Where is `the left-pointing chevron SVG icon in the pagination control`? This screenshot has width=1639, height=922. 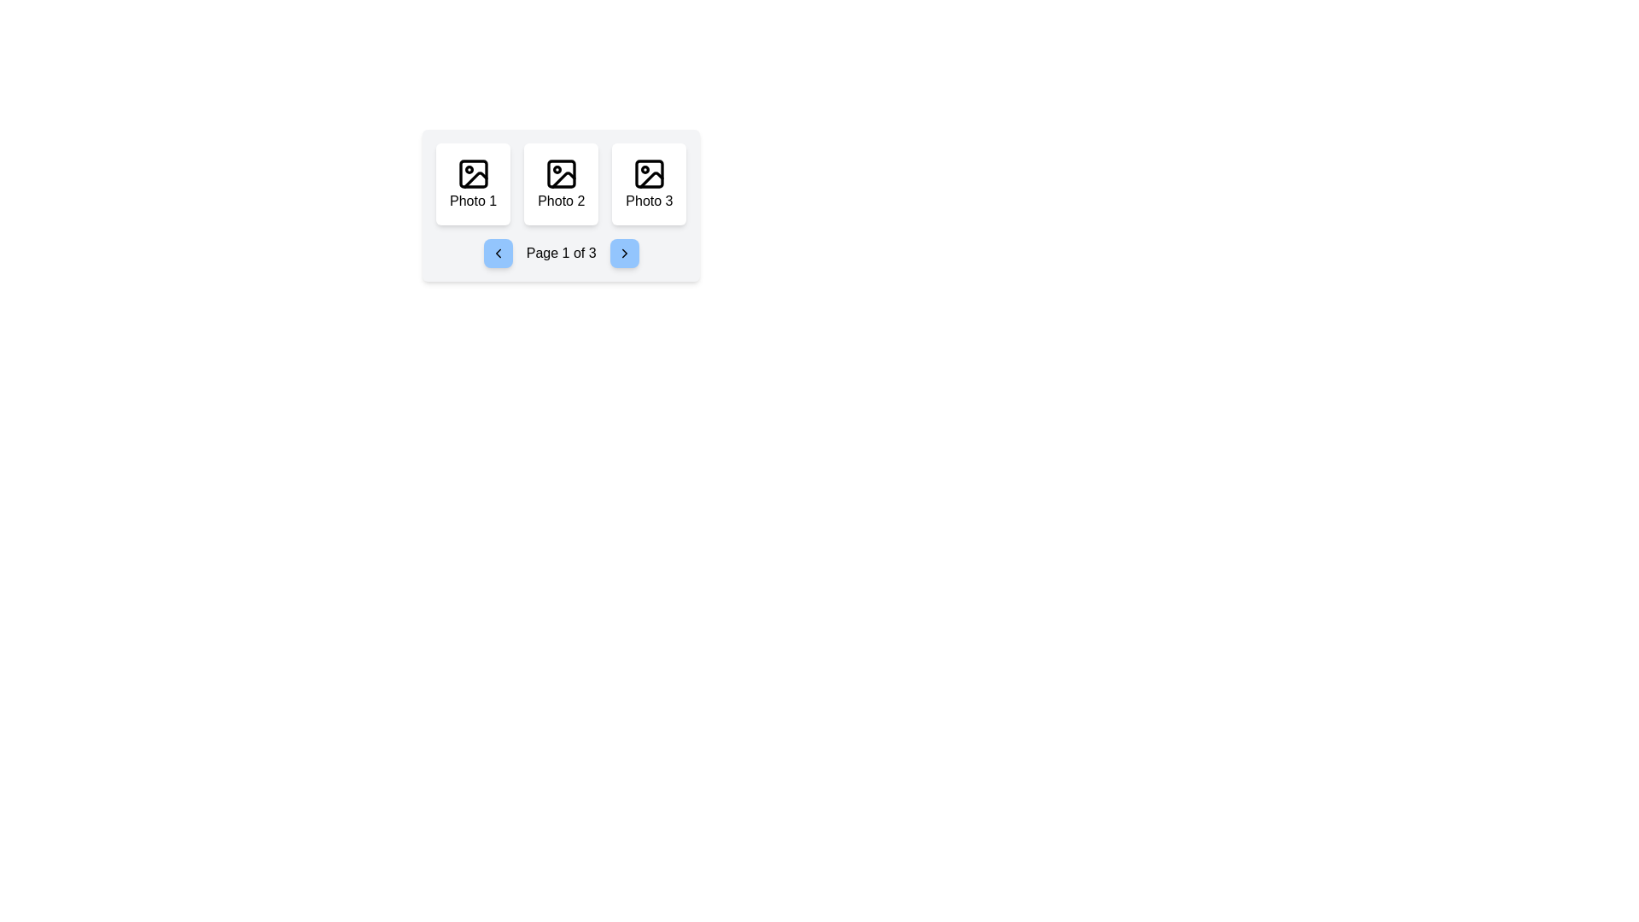
the left-pointing chevron SVG icon in the pagination control is located at coordinates (497, 254).